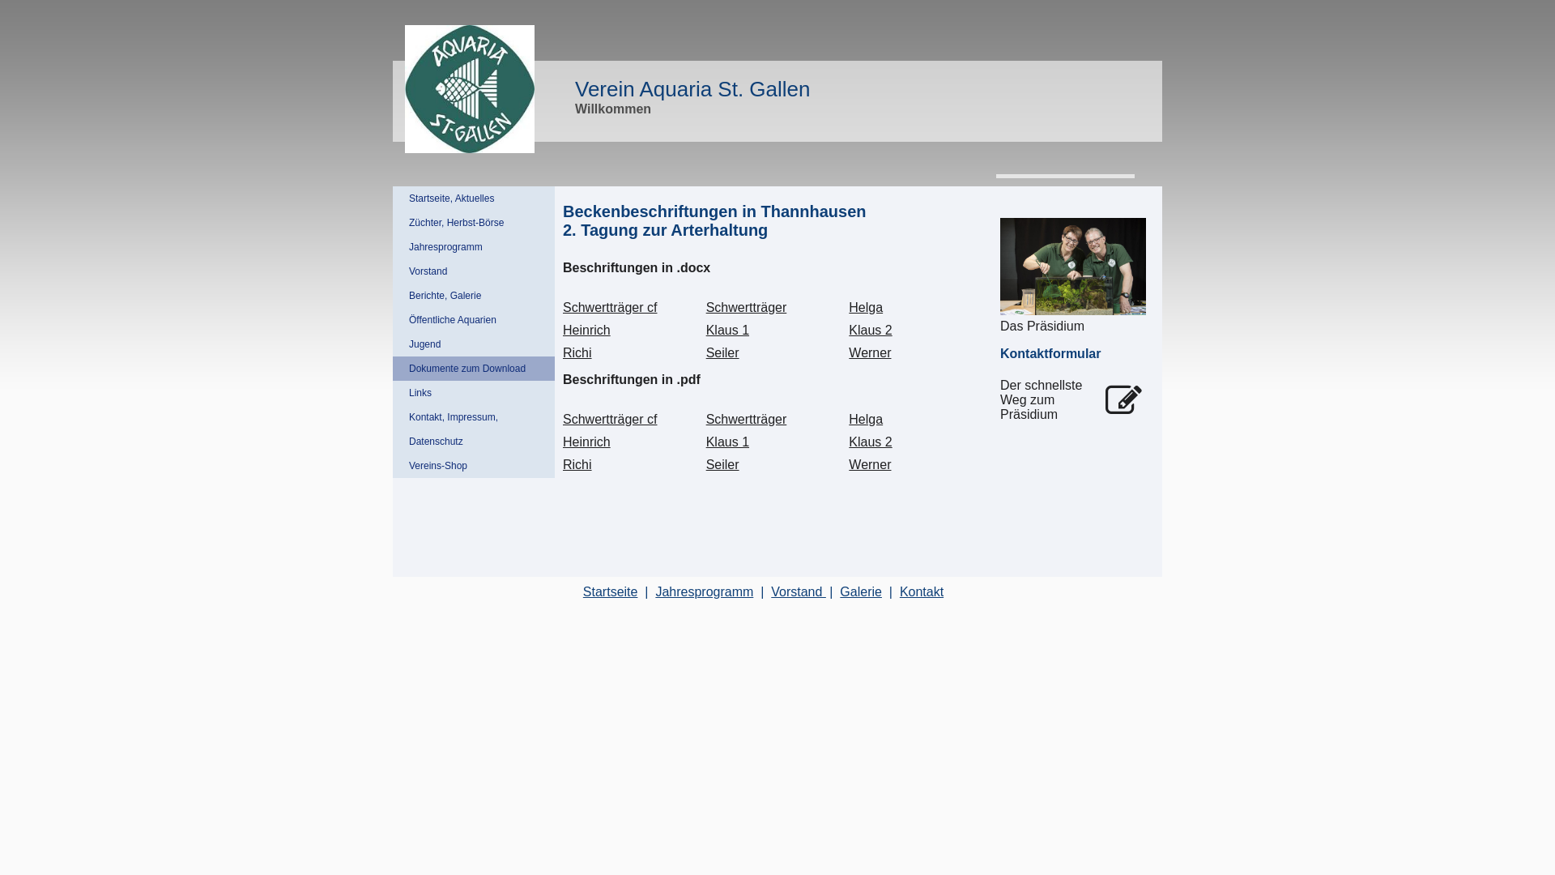  I want to click on 'Seiler', so click(722, 464).